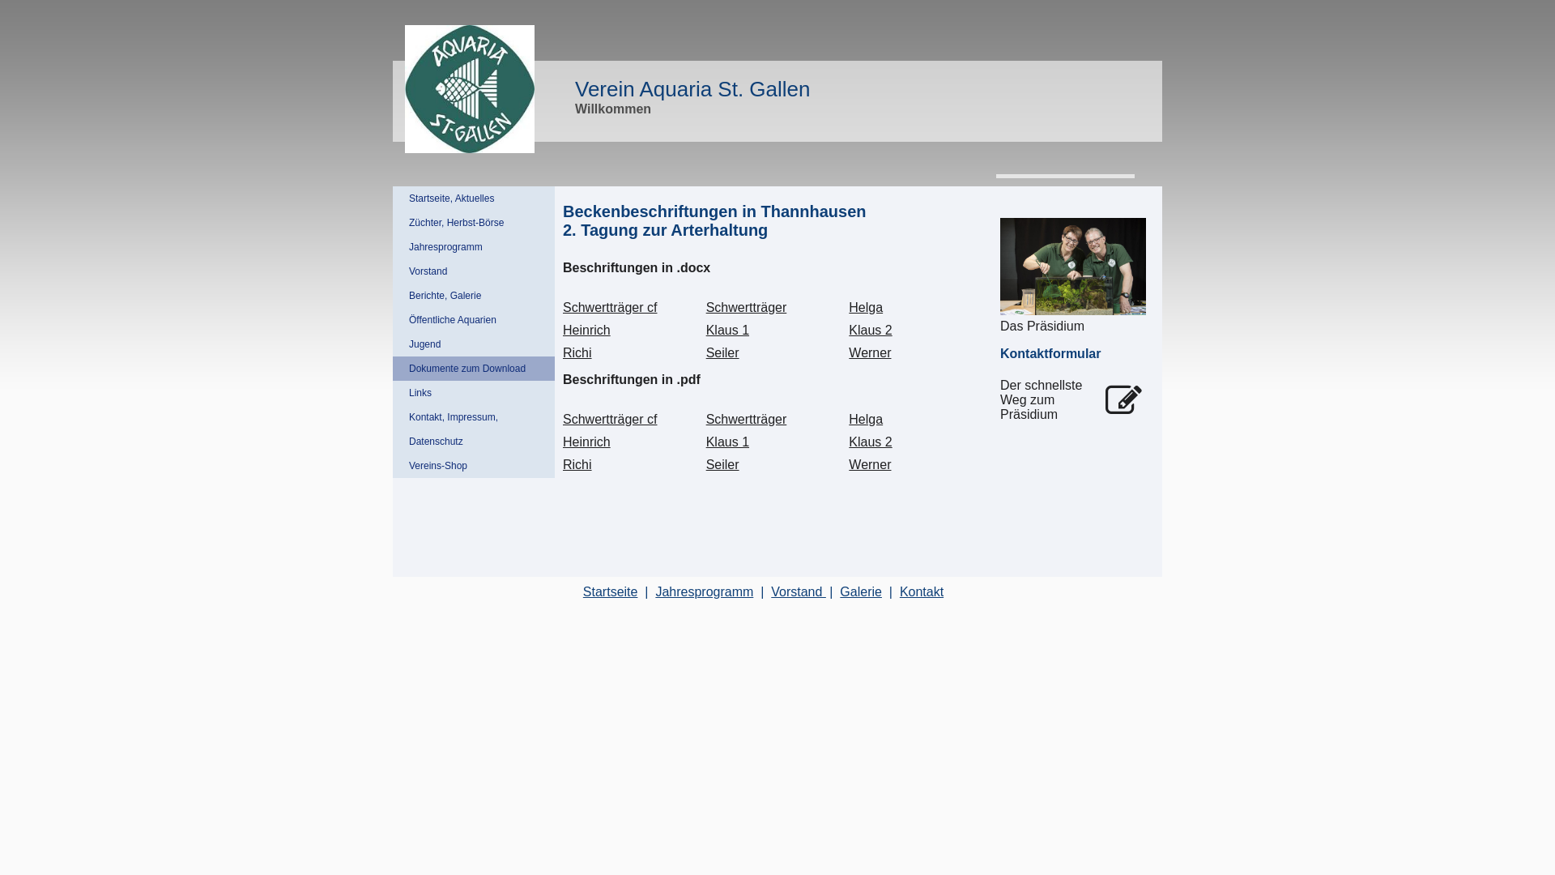  I want to click on 'Seiler', so click(722, 464).